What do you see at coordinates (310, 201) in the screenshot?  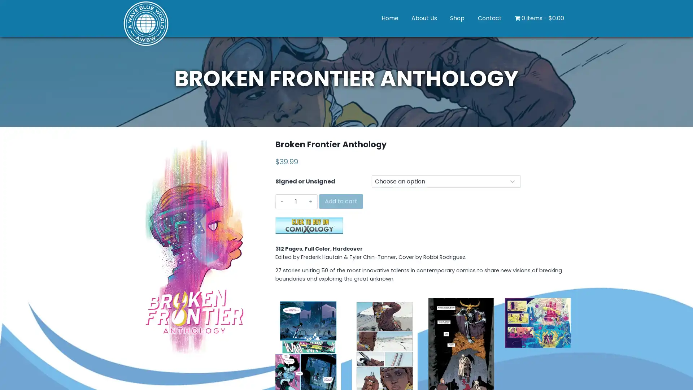 I see `+` at bounding box center [310, 201].